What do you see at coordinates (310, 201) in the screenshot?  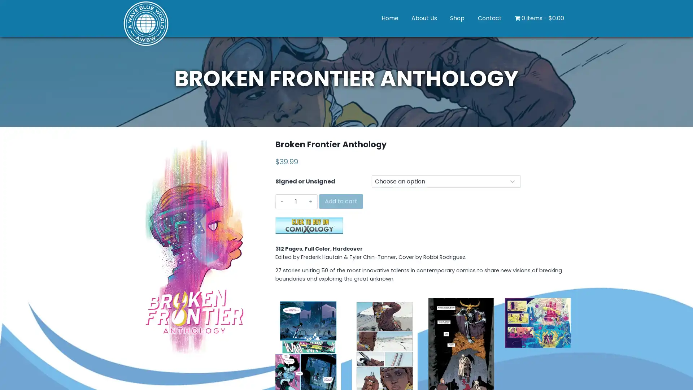 I see `+` at bounding box center [310, 201].